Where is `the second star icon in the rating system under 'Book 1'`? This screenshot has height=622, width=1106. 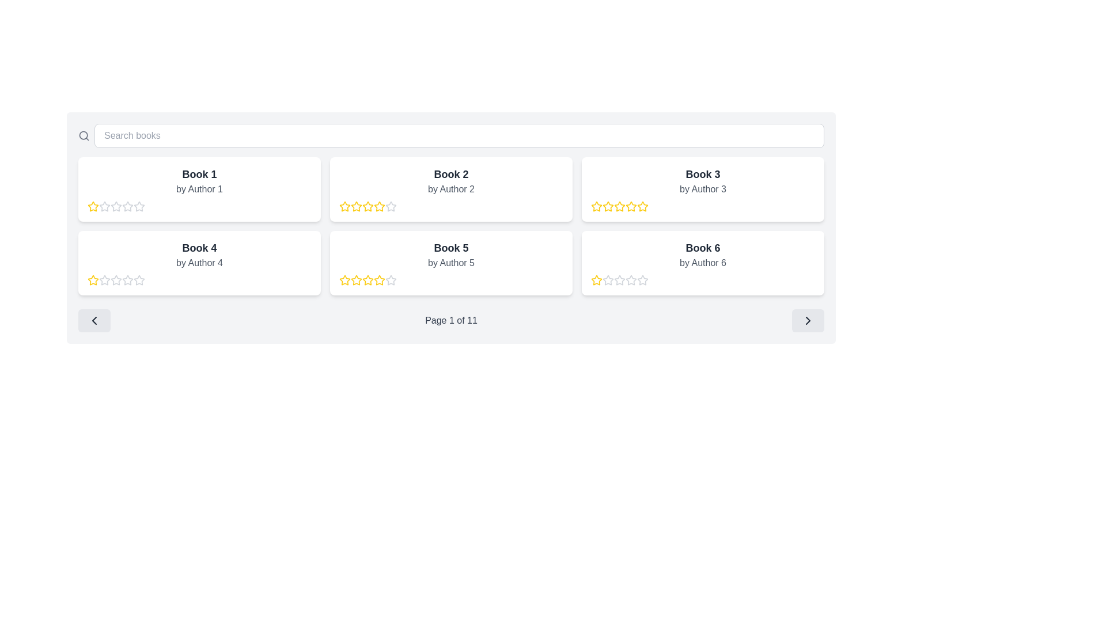 the second star icon in the rating system under 'Book 1' is located at coordinates (138, 206).